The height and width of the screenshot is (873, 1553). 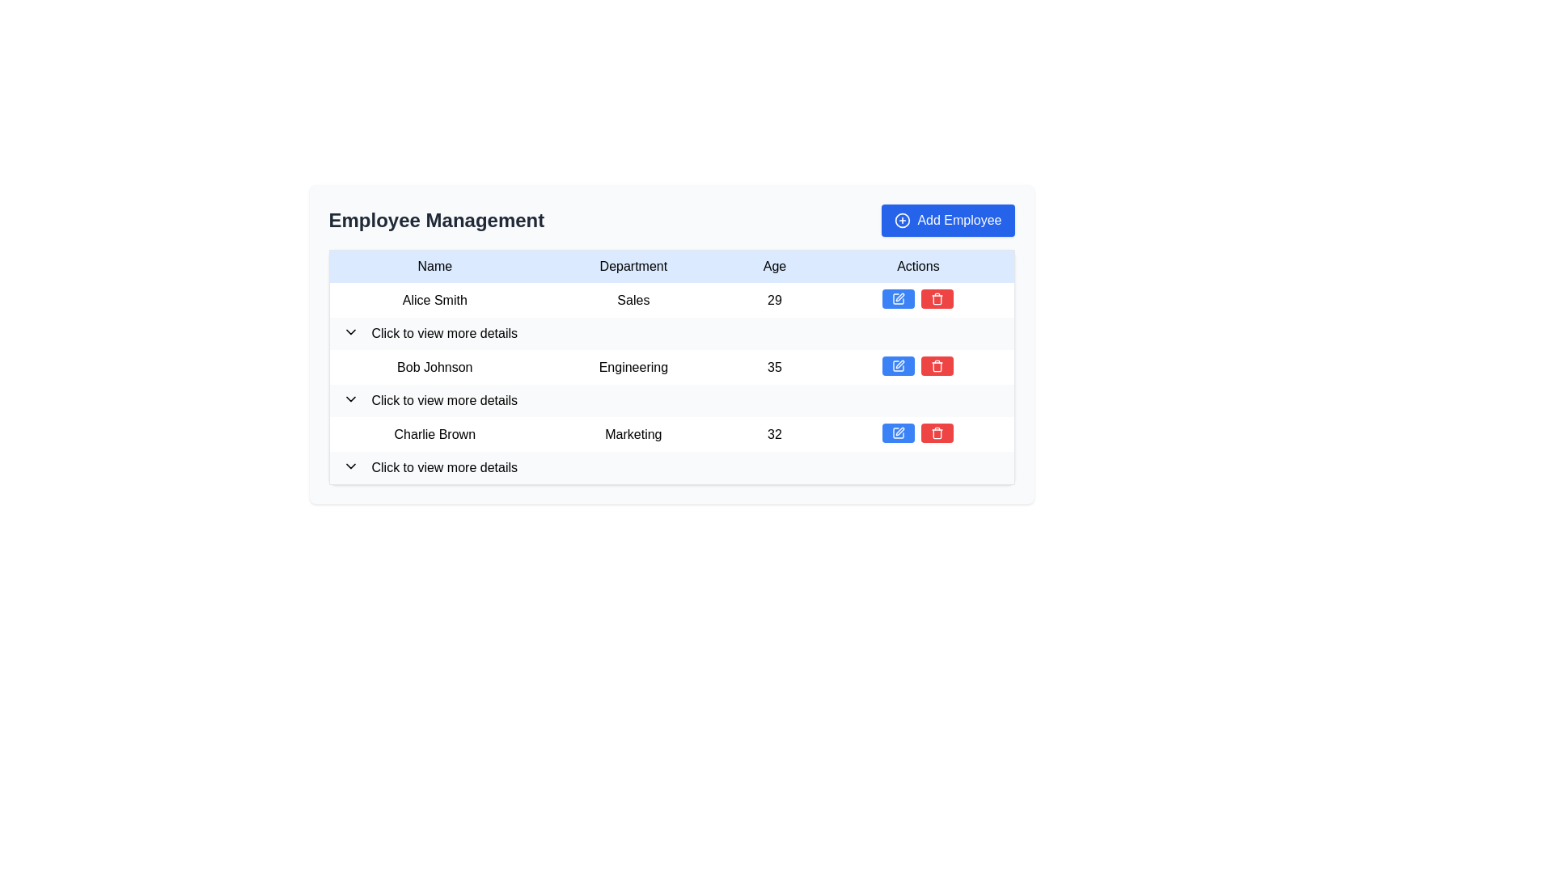 I want to click on the trash bin icon representing the delete function located in the last column of the action row corresponding to employee Charlie Brown, so click(x=937, y=433).